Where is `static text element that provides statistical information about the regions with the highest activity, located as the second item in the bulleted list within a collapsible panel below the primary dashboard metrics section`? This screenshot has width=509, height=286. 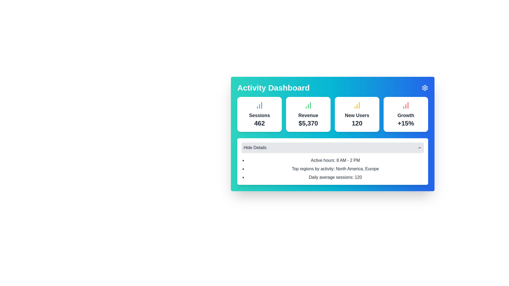 static text element that provides statistical information about the regions with the highest activity, located as the second item in the bulleted list within a collapsible panel below the primary dashboard metrics section is located at coordinates (335, 169).